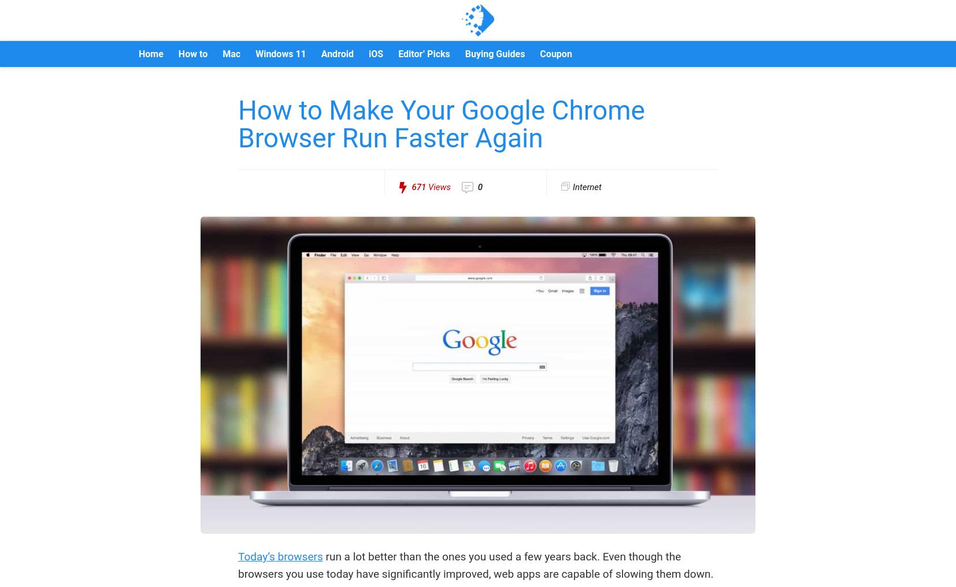 This screenshot has height=587, width=956. What do you see at coordinates (477, 187) in the screenshot?
I see `'0'` at bounding box center [477, 187].